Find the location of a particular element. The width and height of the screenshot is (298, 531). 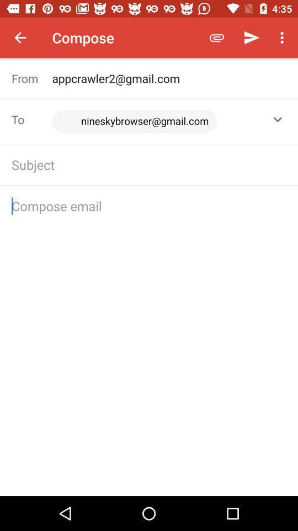

the expand_more icon is located at coordinates (277, 119).